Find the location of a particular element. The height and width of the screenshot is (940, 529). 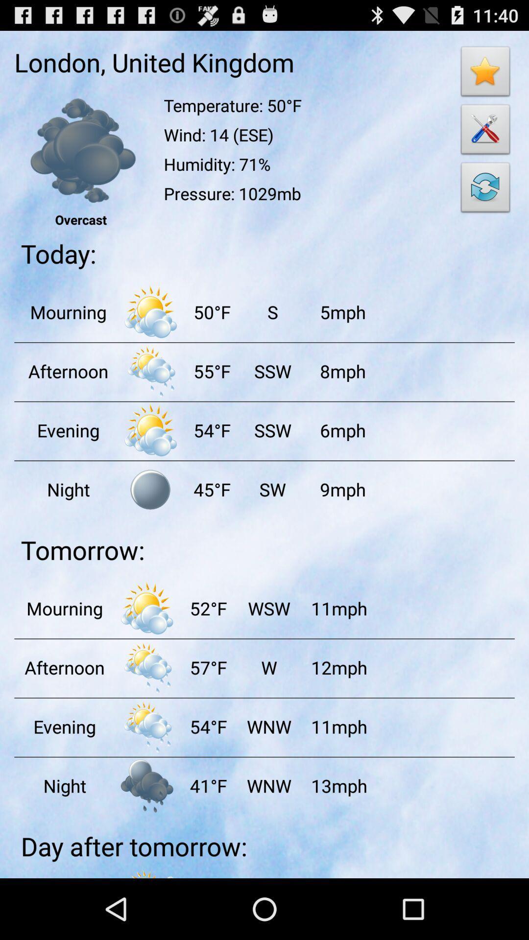

reference image is located at coordinates (80, 150).